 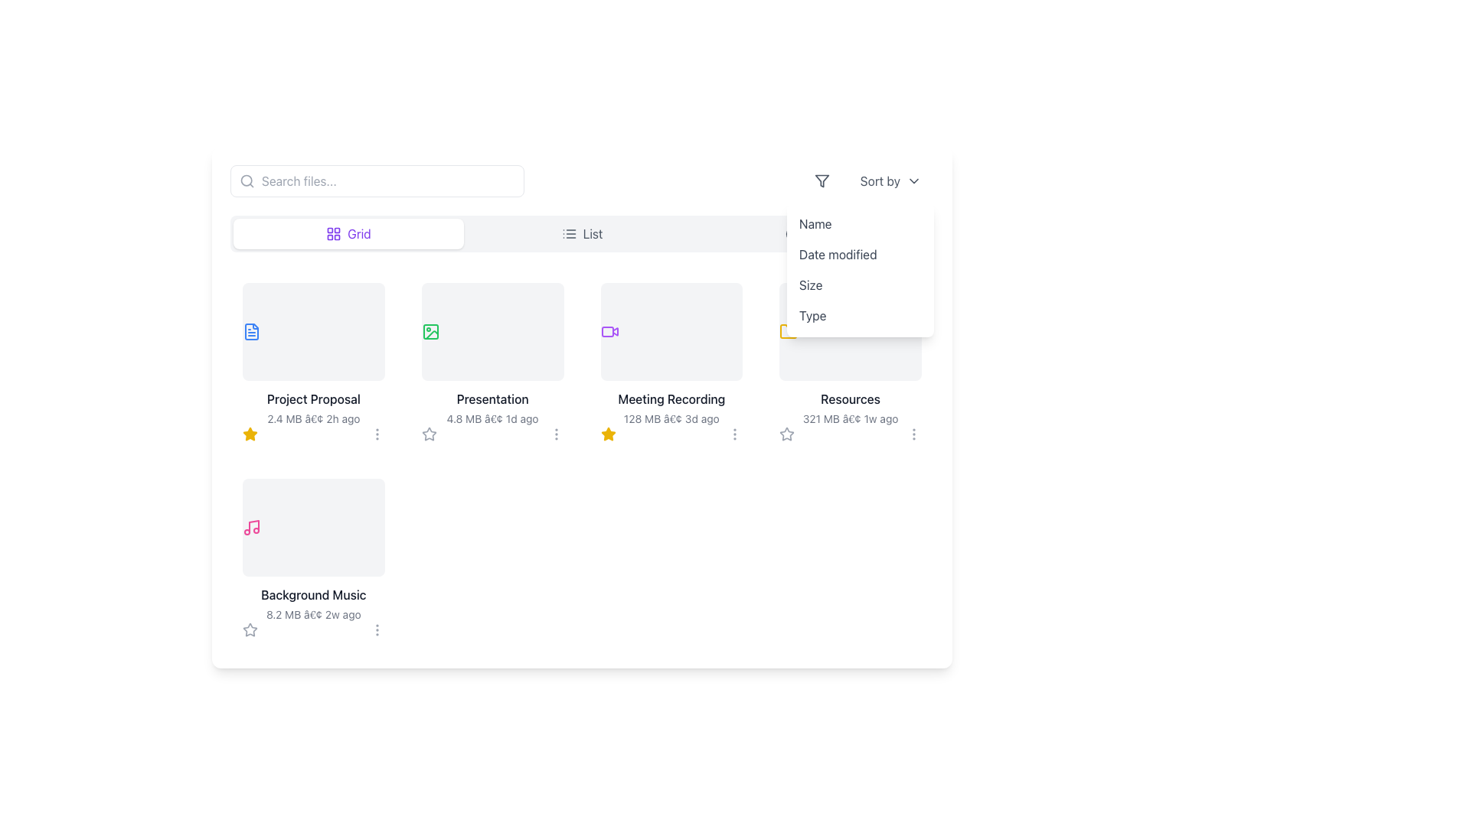 What do you see at coordinates (860, 224) in the screenshot?
I see `the first row of the dropdown menu that sorts items by name, located in the top-right section under the 'Sort by' control` at bounding box center [860, 224].